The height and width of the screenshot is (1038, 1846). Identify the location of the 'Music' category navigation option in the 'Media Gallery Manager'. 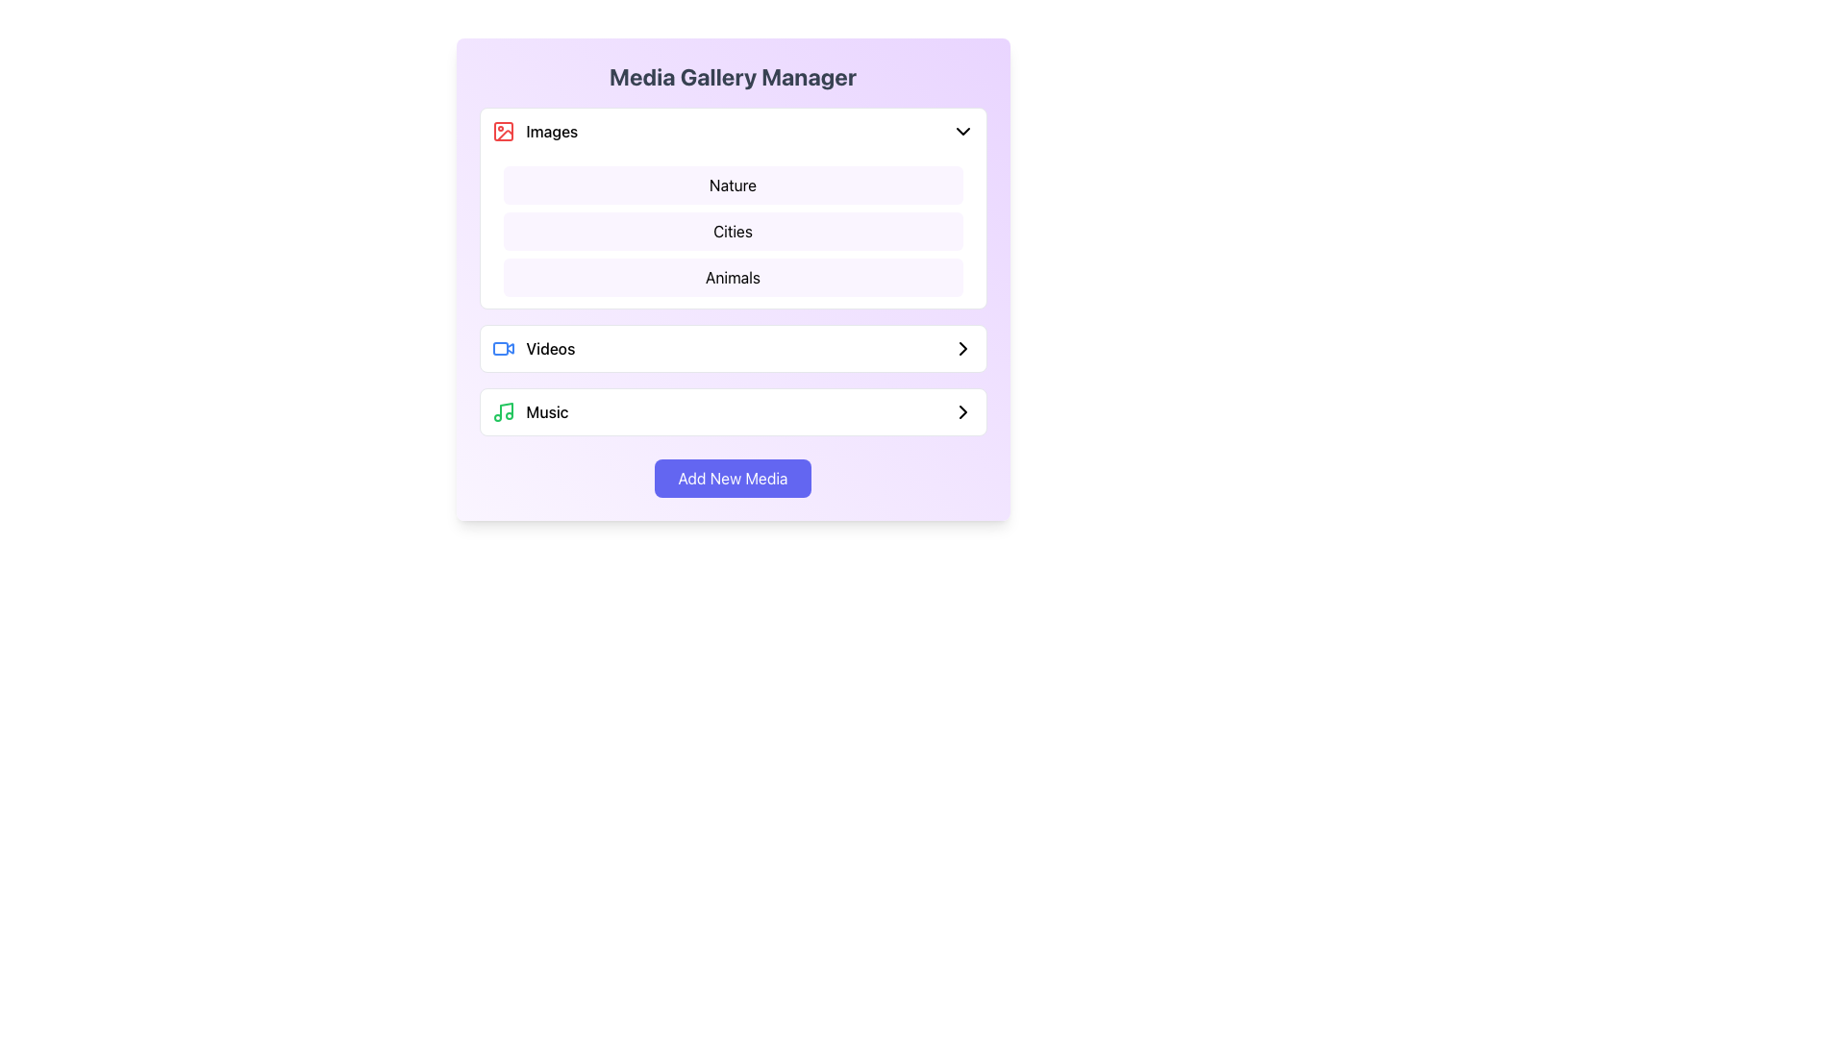
(732, 410).